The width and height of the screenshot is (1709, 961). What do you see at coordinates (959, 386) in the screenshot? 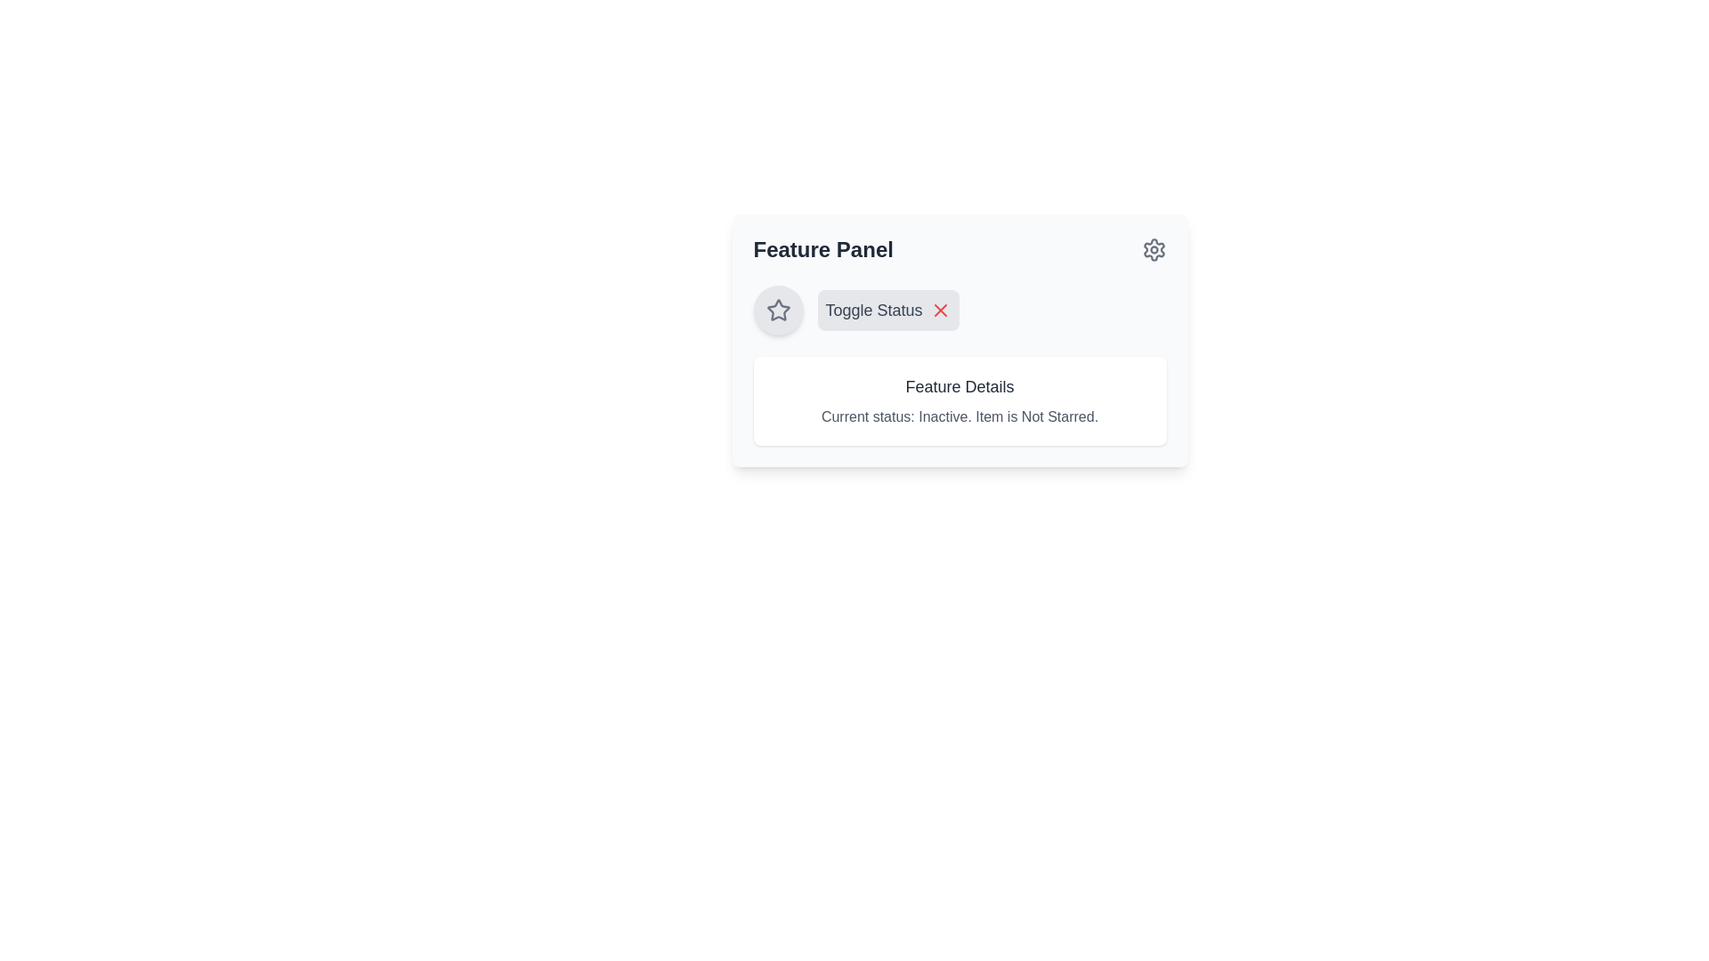
I see `the text label displaying 'Feature Details' which is located at the top of the white box in the 'Feature Panel'` at bounding box center [959, 386].